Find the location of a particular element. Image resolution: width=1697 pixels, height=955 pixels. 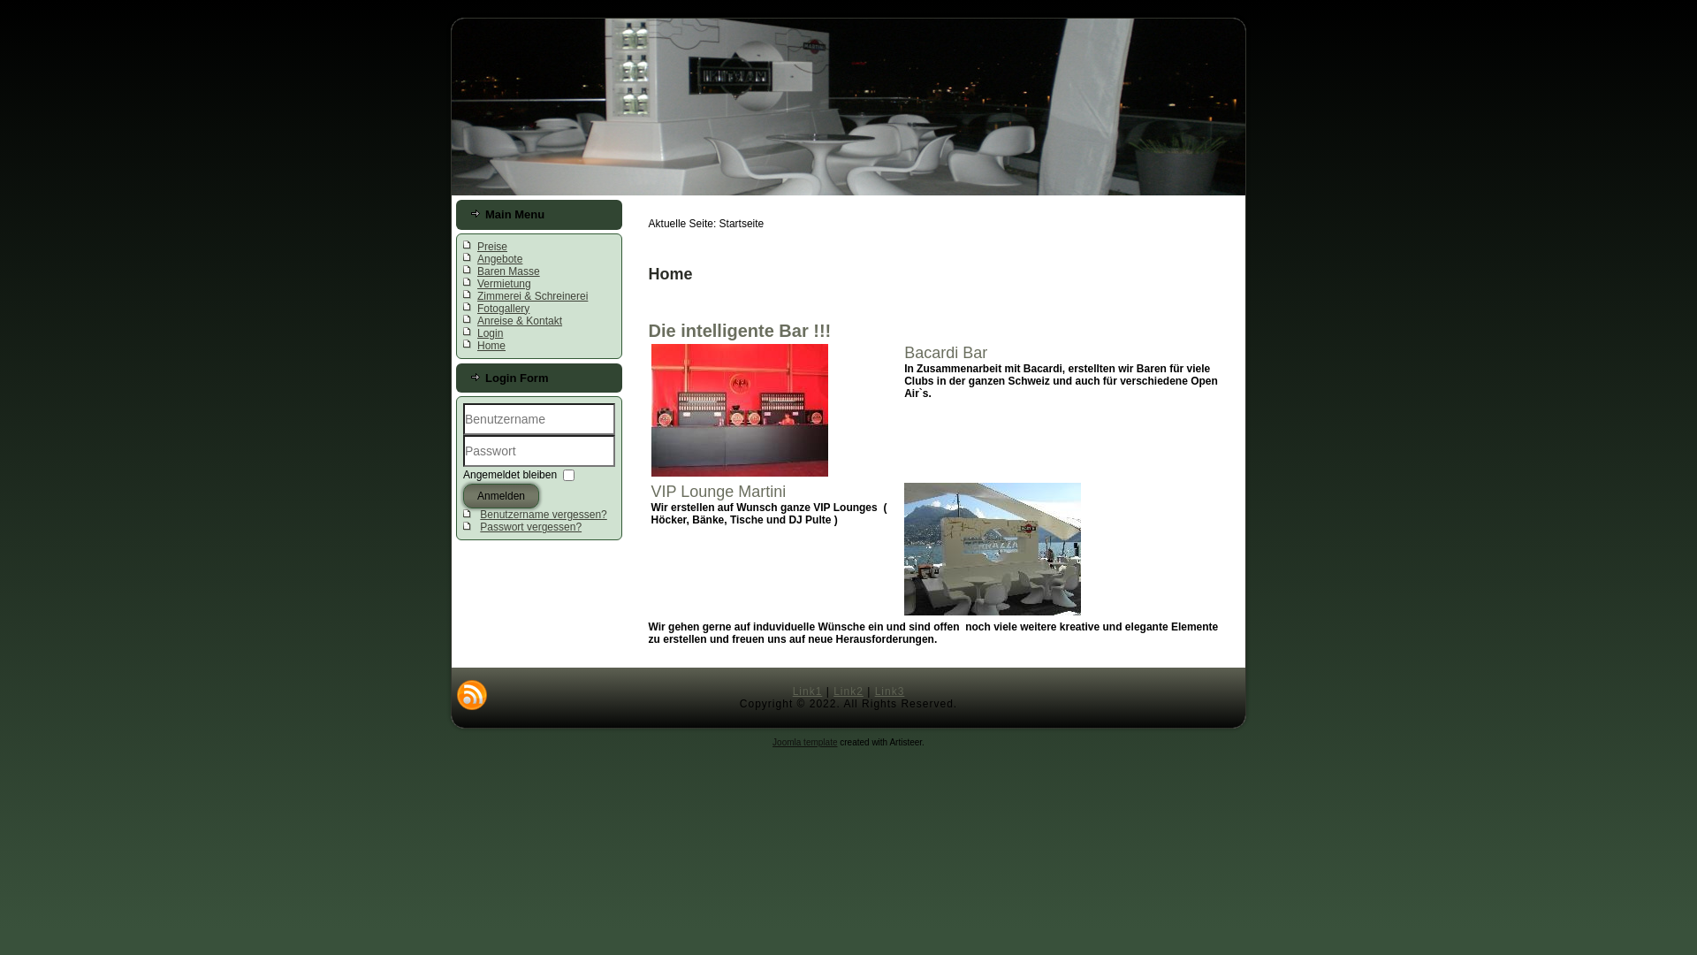

'Home' is located at coordinates (491, 345).